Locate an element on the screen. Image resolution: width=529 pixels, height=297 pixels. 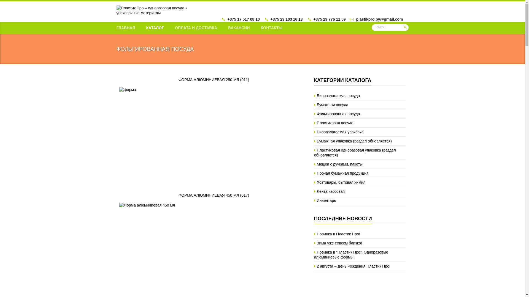
'+375 29 103 16 13' is located at coordinates (270, 19).